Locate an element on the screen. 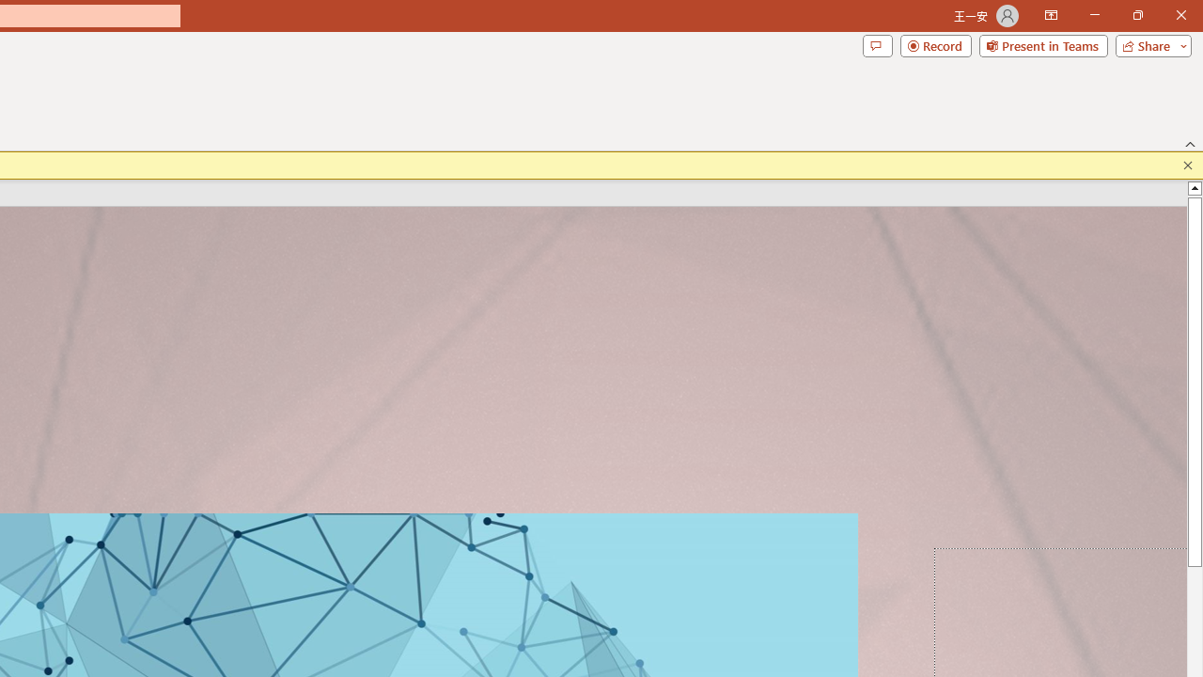 Image resolution: width=1203 pixels, height=677 pixels. 'Close this message' is located at coordinates (1187, 165).